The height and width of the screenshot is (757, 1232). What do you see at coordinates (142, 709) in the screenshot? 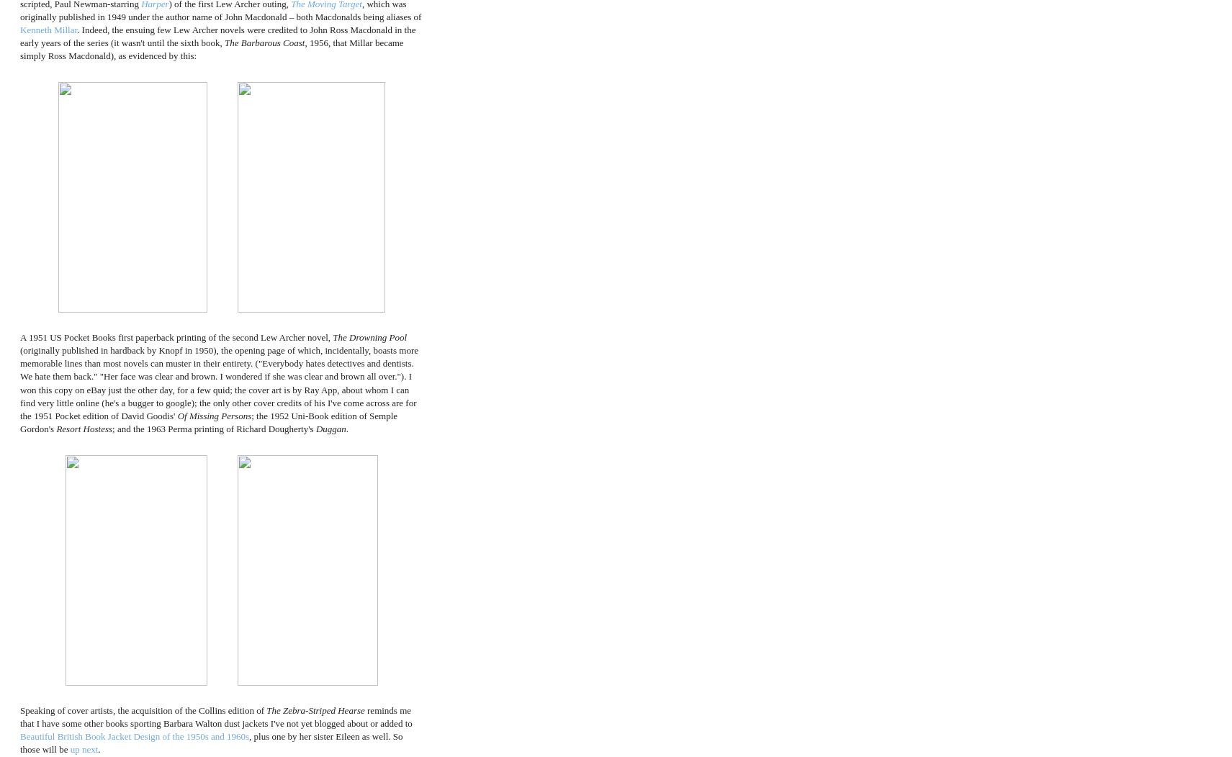
I see `'Speaking of cover artists, the acquisition of the Collins edition of'` at bounding box center [142, 709].